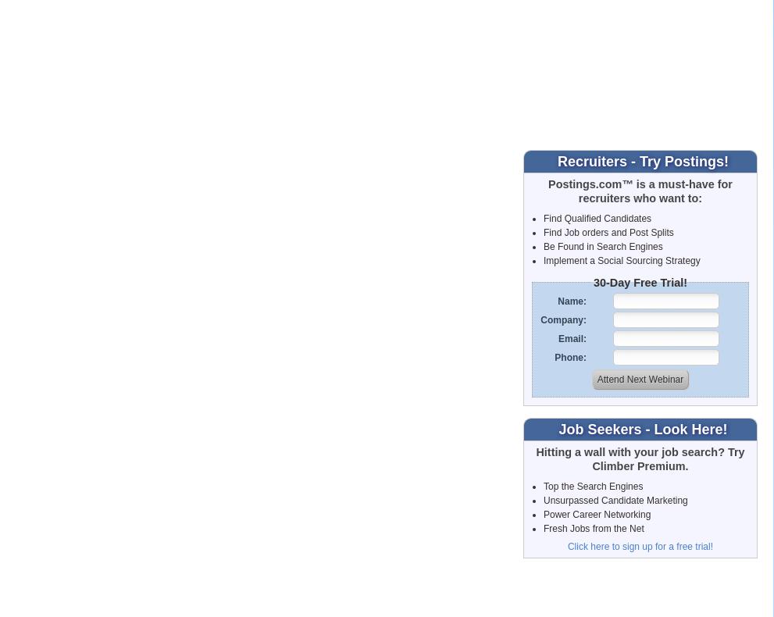  I want to click on 'Email:', so click(558, 337).